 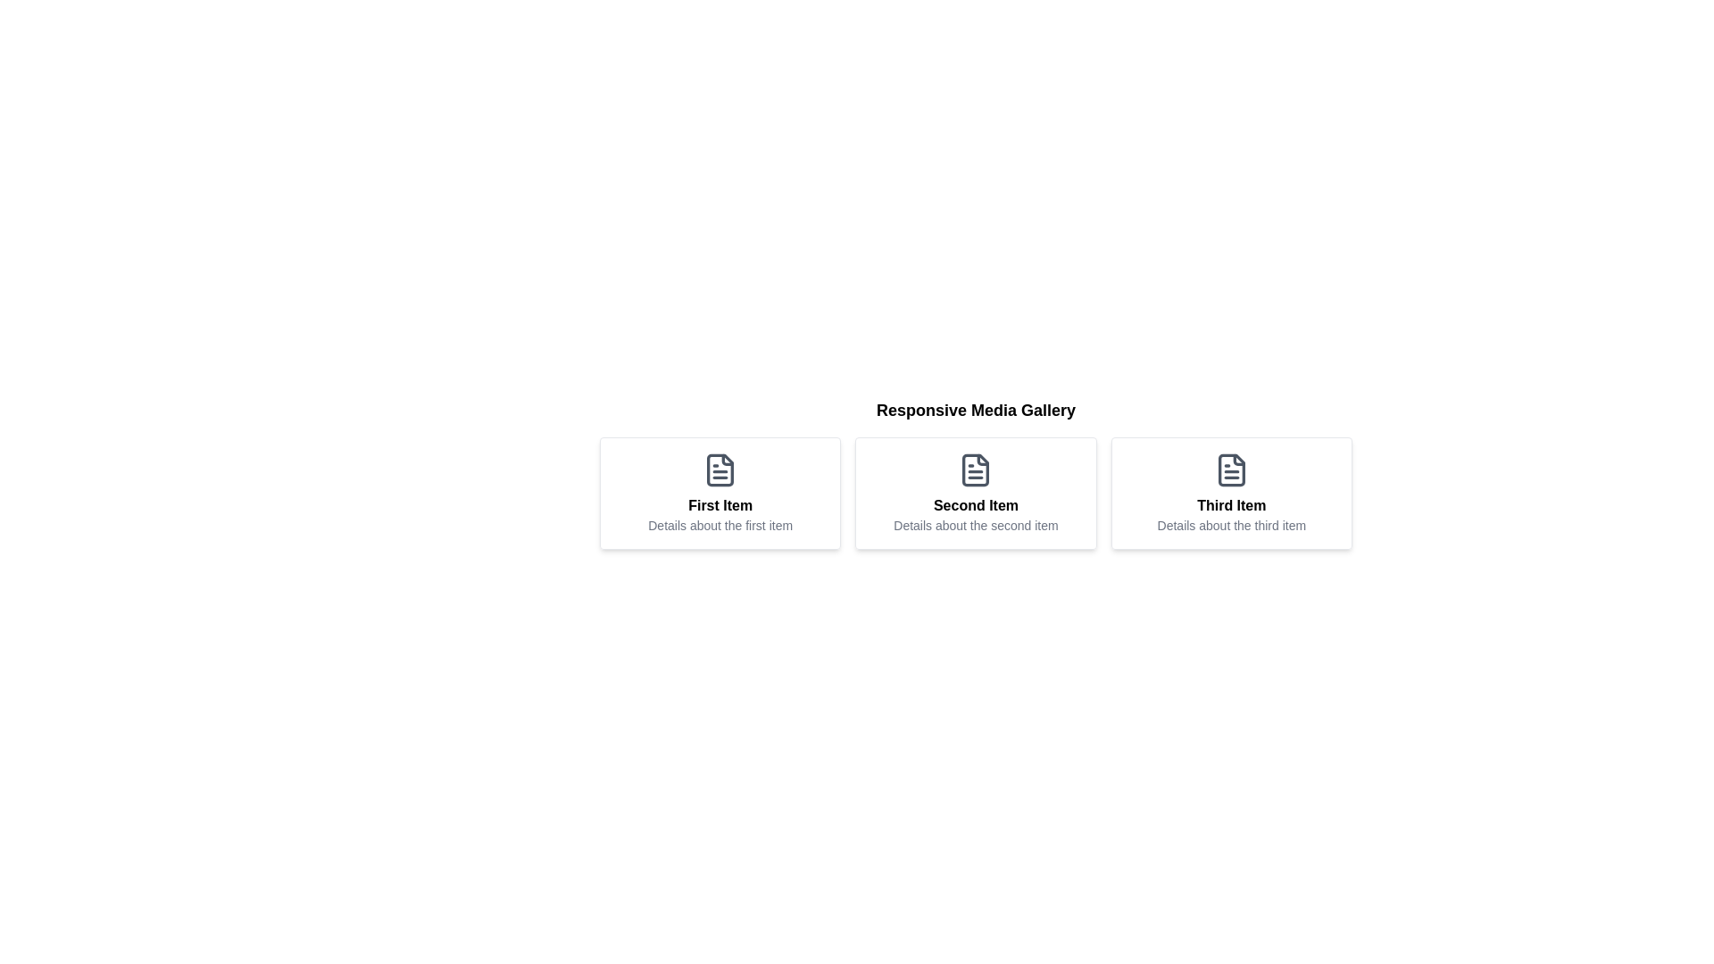 What do you see at coordinates (1230, 506) in the screenshot?
I see `the title text label in the rightmost card, which provides context to the card's content, positioned above the subtitle 'Details about the third item'` at bounding box center [1230, 506].